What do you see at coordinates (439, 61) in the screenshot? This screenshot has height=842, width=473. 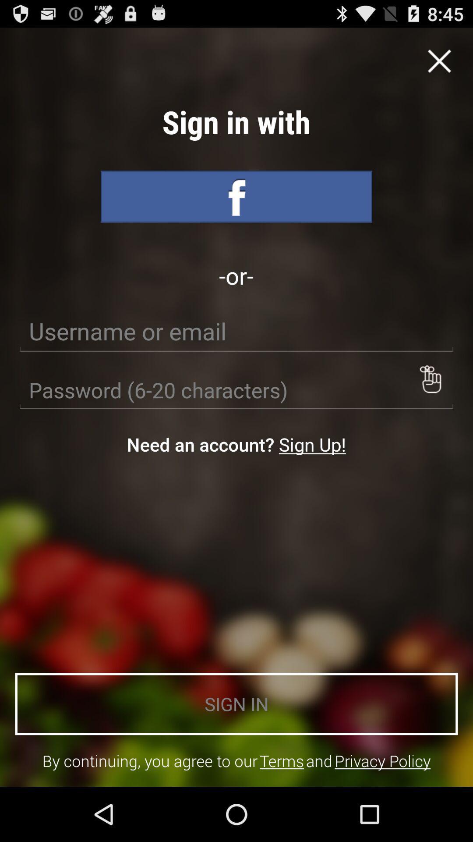 I see `close` at bounding box center [439, 61].